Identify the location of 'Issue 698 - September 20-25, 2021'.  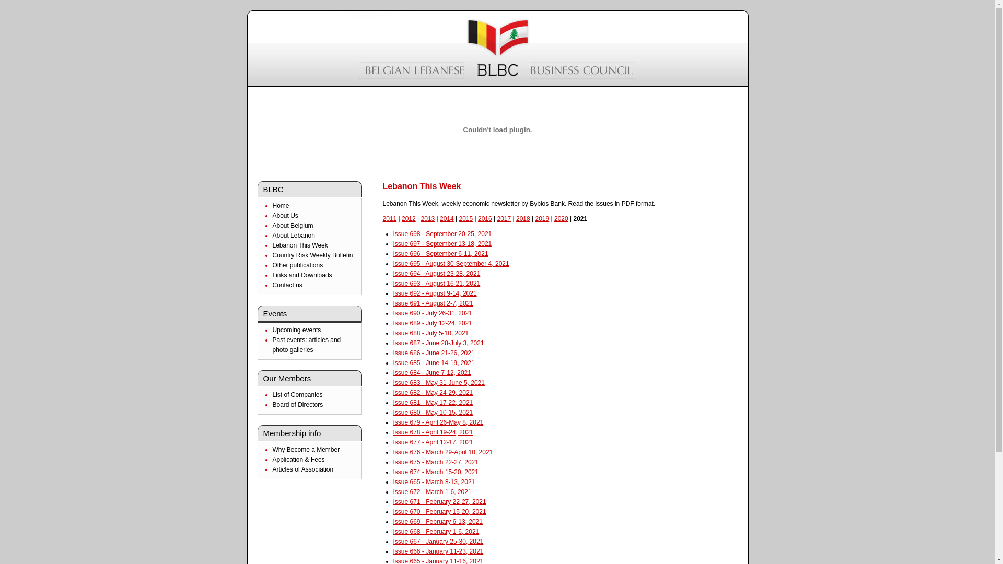
(442, 233).